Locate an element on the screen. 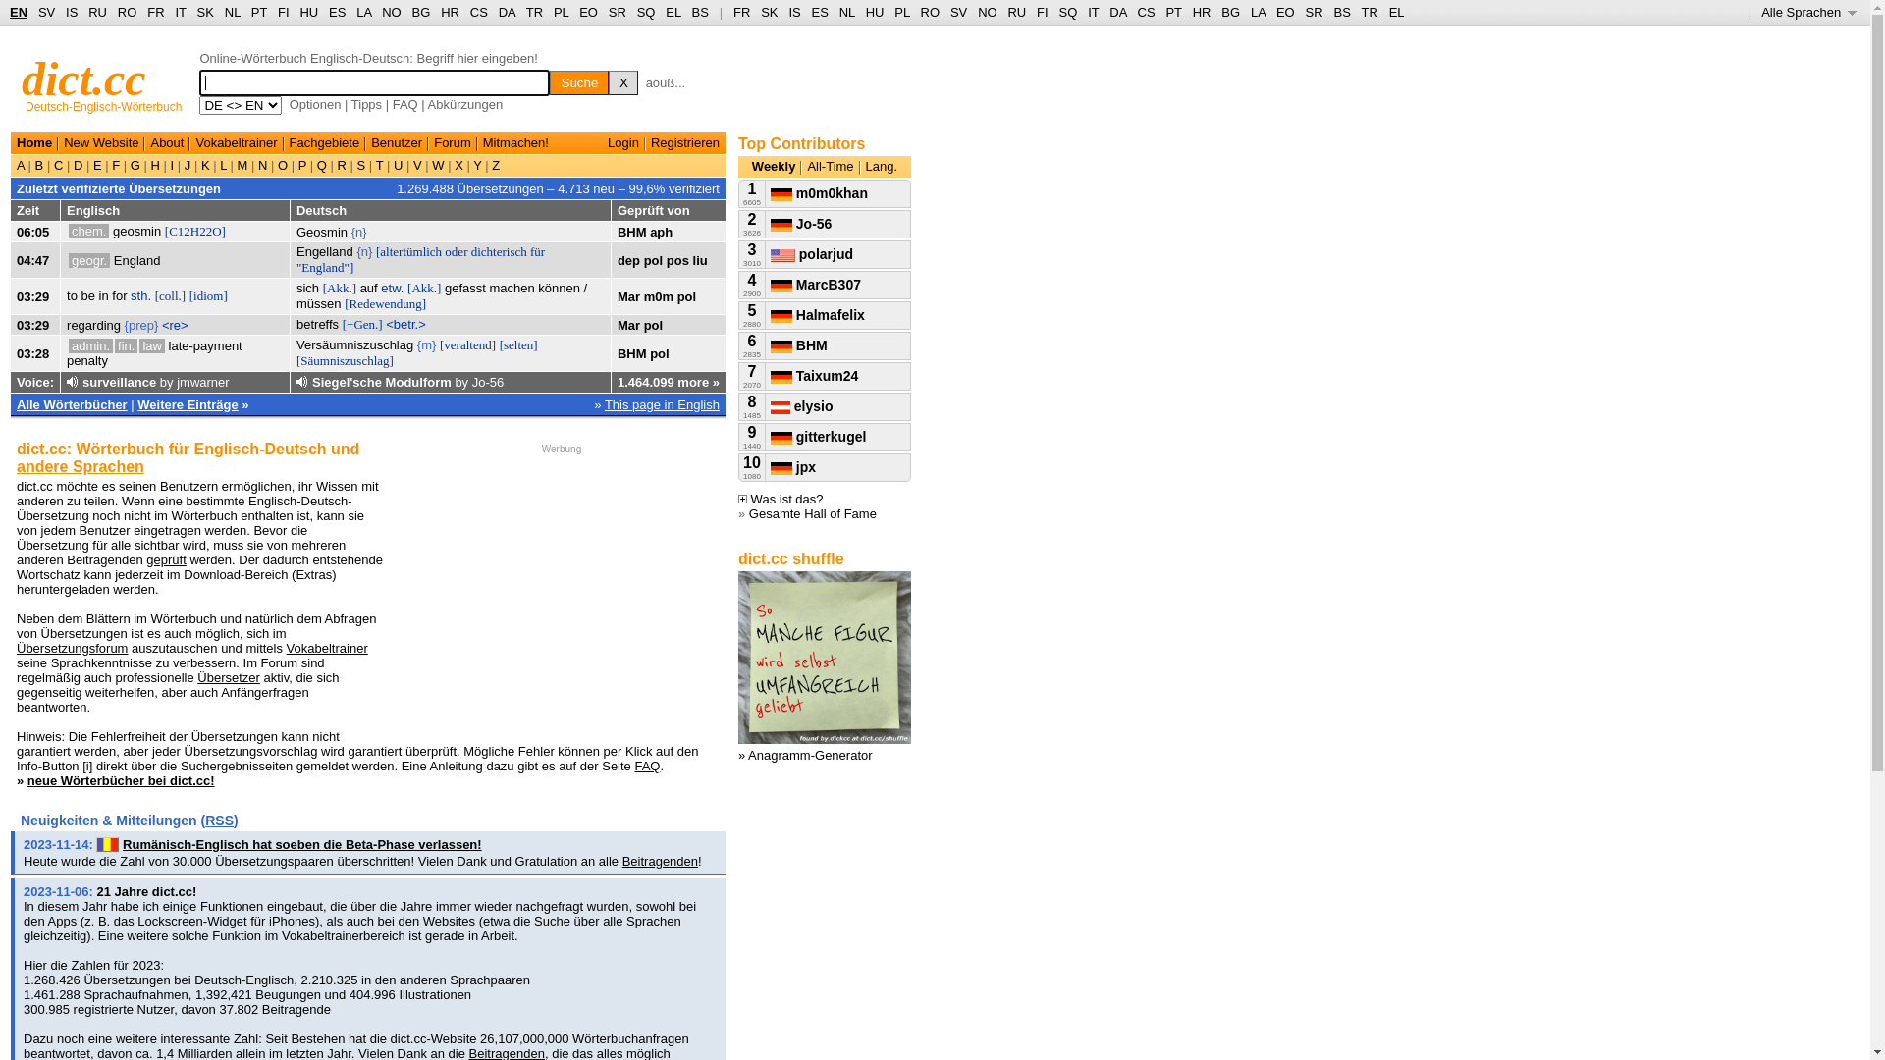 The image size is (1885, 1060). 'PL' is located at coordinates (553, 12).